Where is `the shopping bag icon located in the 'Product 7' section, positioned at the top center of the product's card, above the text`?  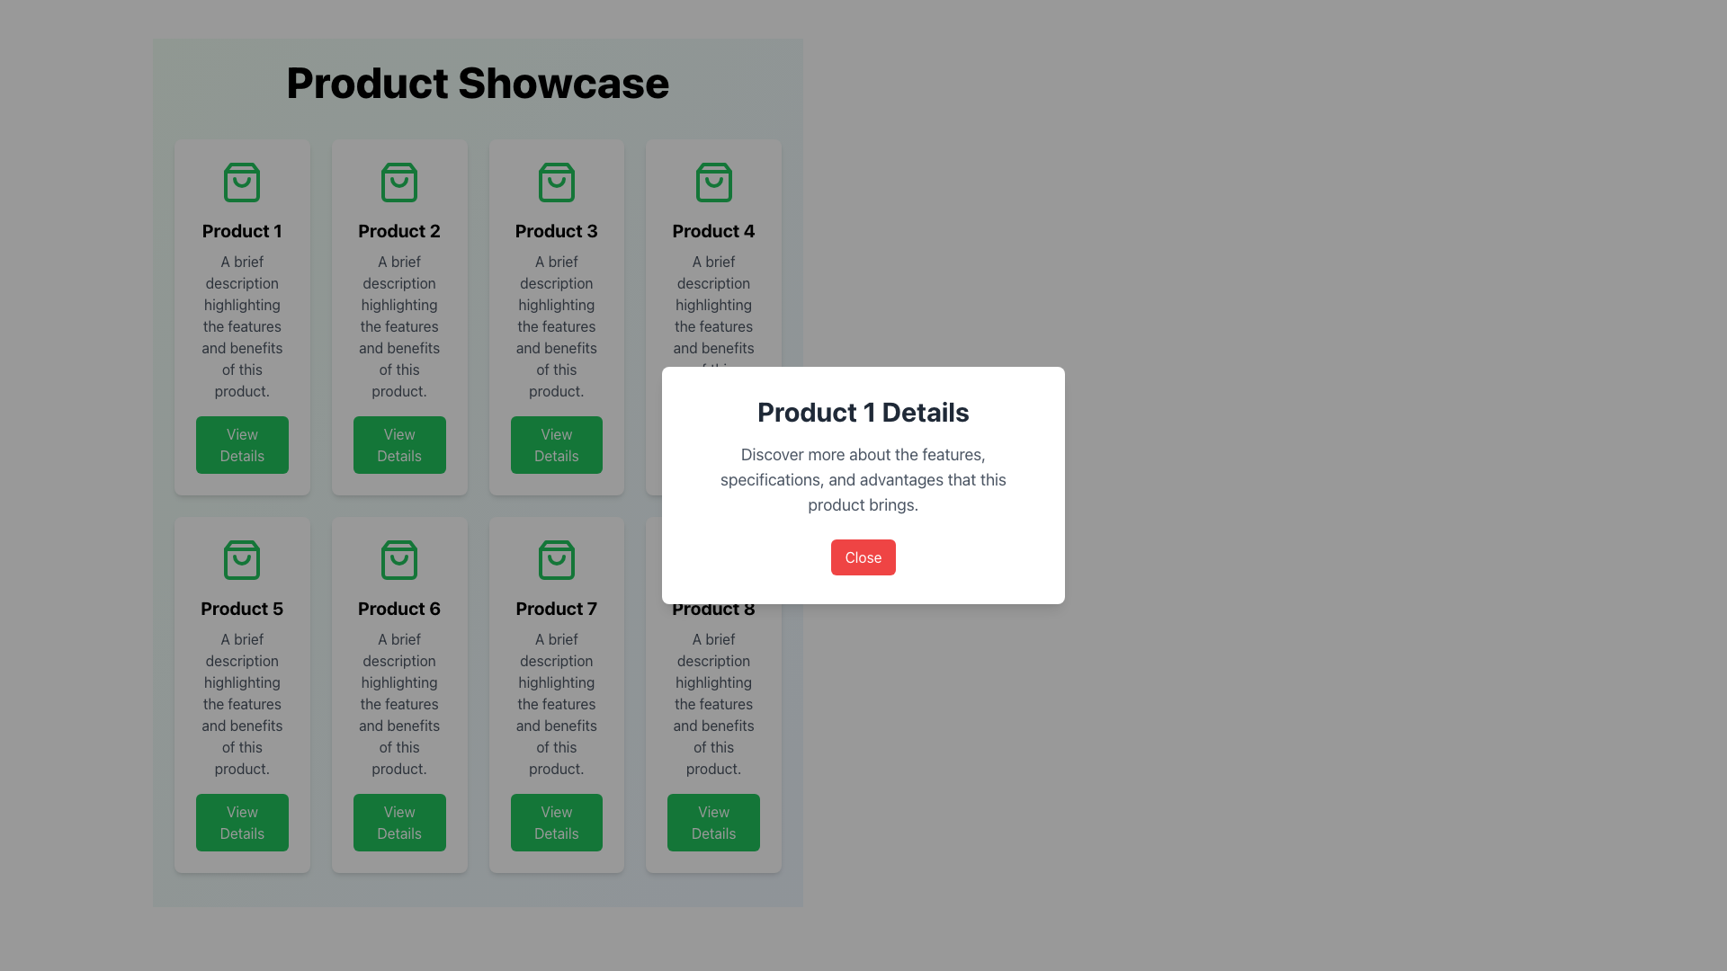 the shopping bag icon located in the 'Product 7' section, positioned at the top center of the product's card, above the text is located at coordinates (555, 559).